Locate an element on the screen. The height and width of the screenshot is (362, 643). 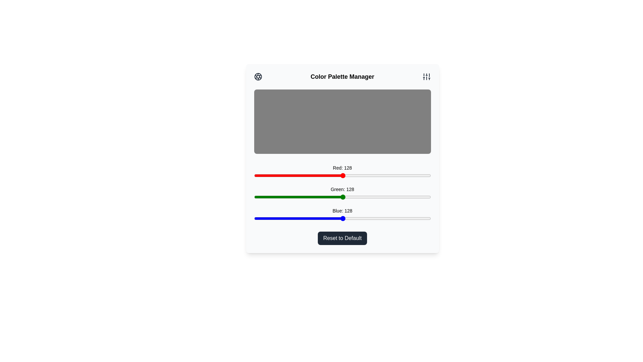
the green slider to set the green intensity to 160 is located at coordinates (364, 196).